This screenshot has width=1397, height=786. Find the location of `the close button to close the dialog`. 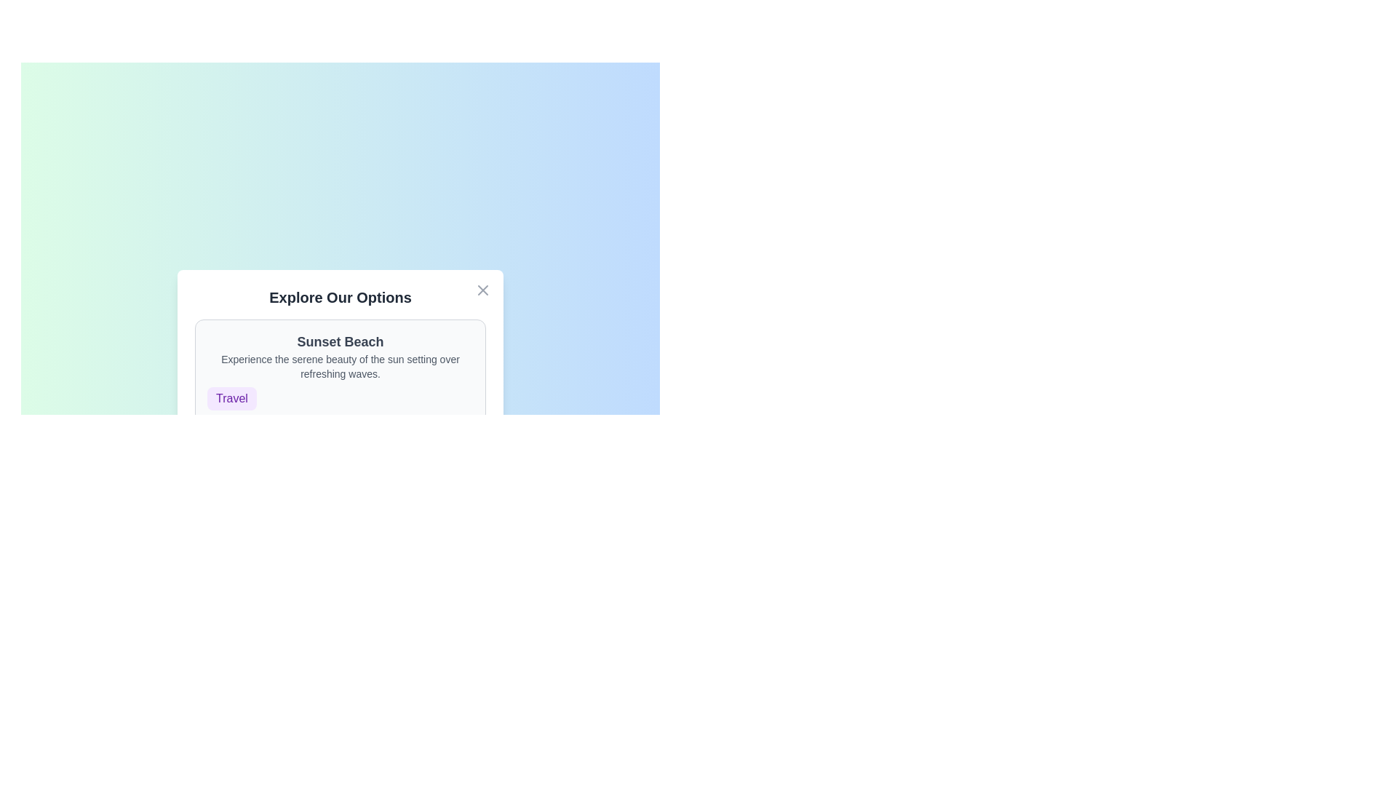

the close button to close the dialog is located at coordinates (482, 290).